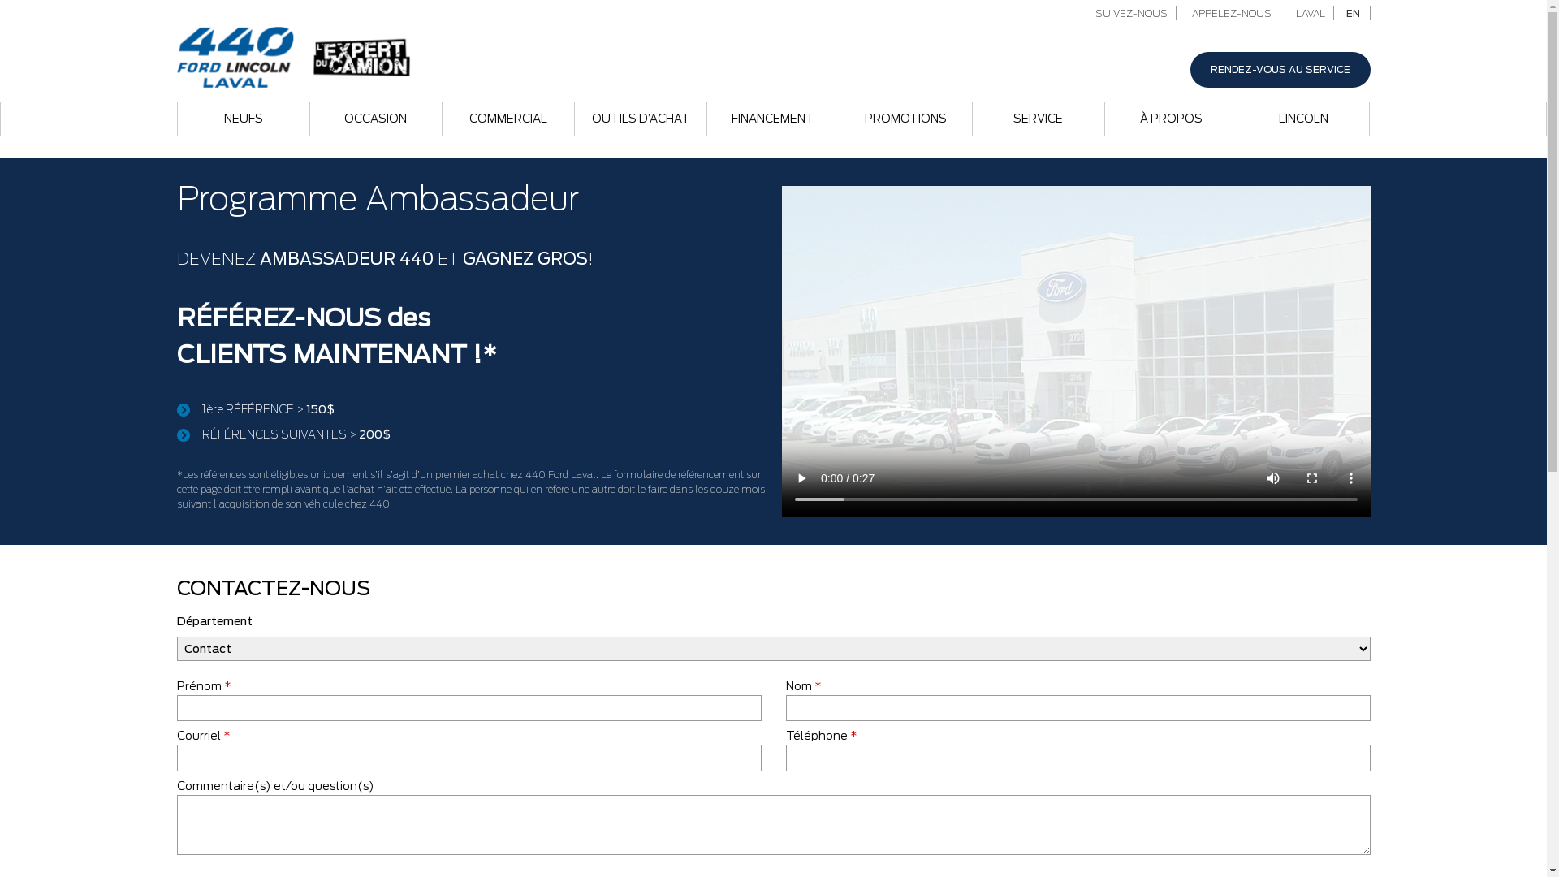 Image resolution: width=1559 pixels, height=877 pixels. Describe the element at coordinates (1280, 68) in the screenshot. I see `'RENDEZ-VOUS AU SERVICE'` at that location.